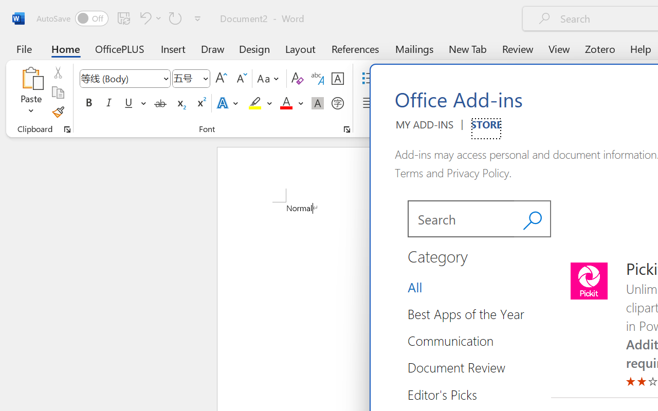 The width and height of the screenshot is (658, 411). I want to click on 'Cut', so click(57, 72).